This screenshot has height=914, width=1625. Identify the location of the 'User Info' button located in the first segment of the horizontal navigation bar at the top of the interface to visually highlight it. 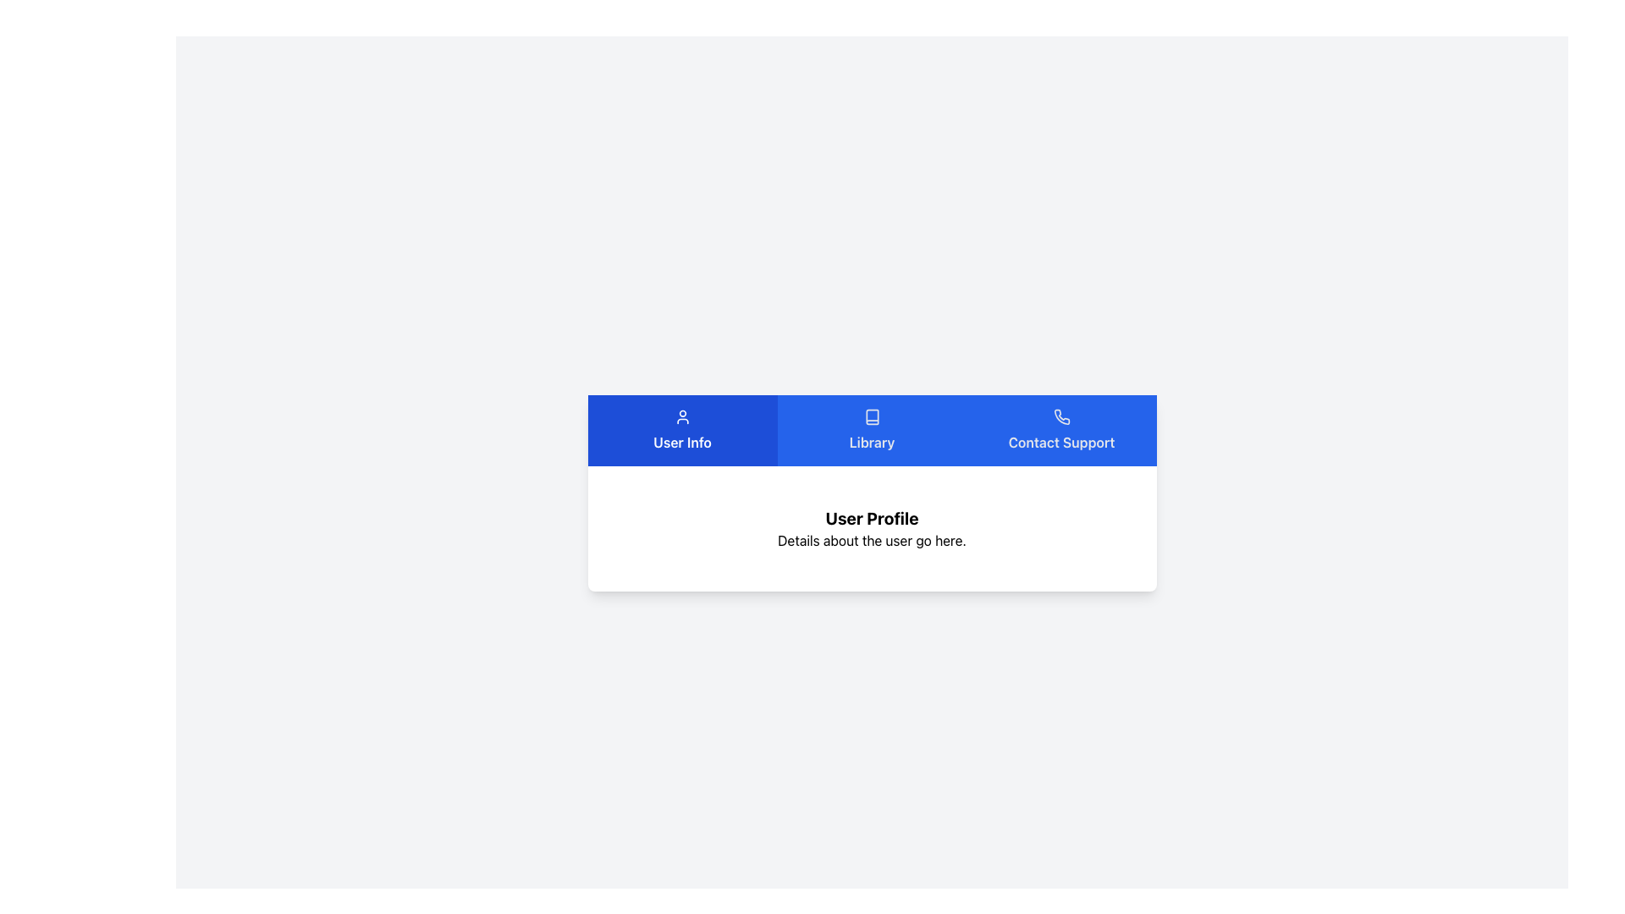
(682, 430).